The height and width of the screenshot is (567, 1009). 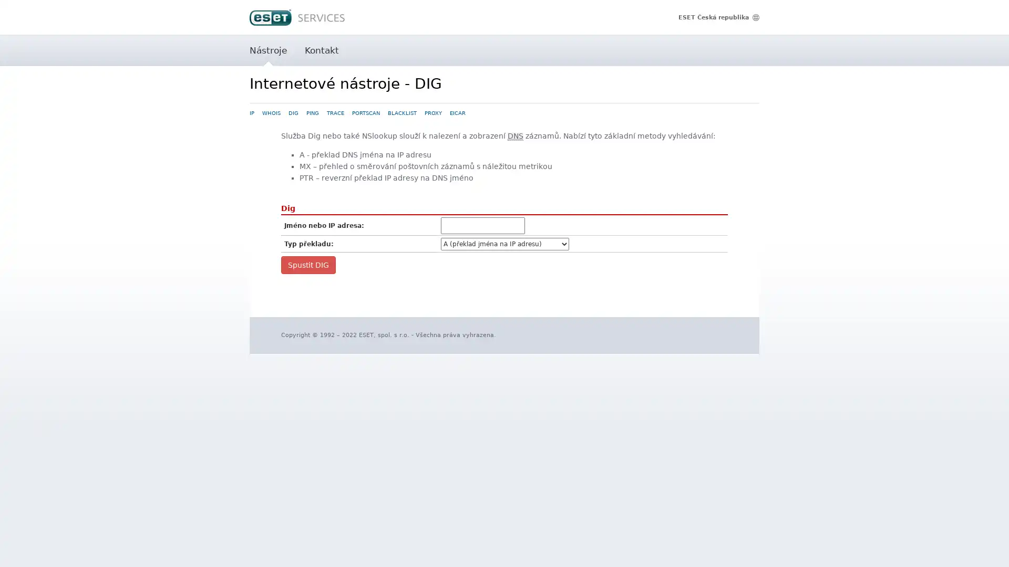 I want to click on Spustit DIG, so click(x=307, y=264).